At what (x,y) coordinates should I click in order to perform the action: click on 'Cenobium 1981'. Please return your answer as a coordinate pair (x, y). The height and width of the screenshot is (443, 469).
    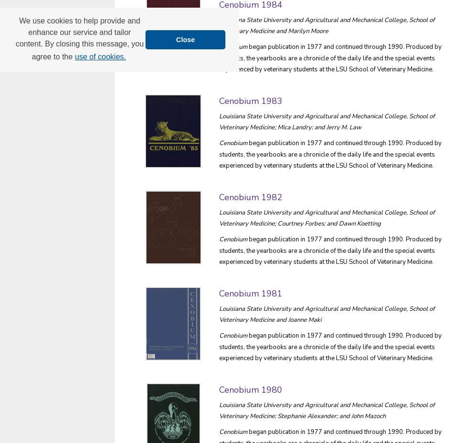
    Looking at the image, I should click on (251, 293).